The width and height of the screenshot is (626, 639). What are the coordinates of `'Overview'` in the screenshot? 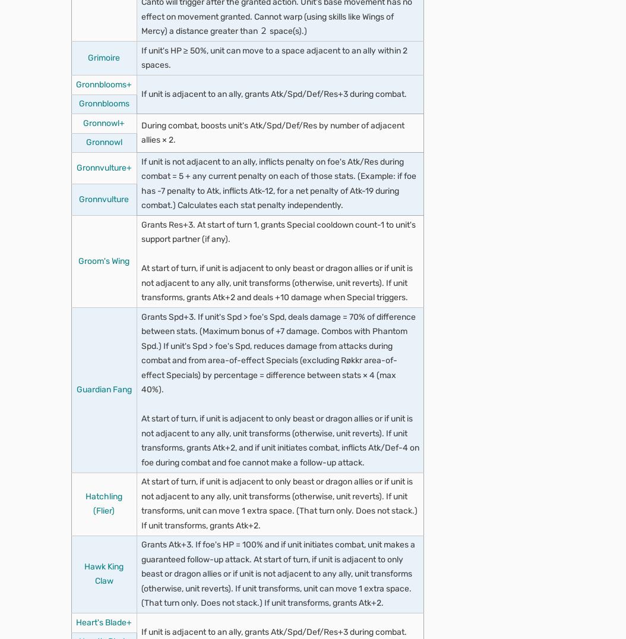 It's located at (68, 61).